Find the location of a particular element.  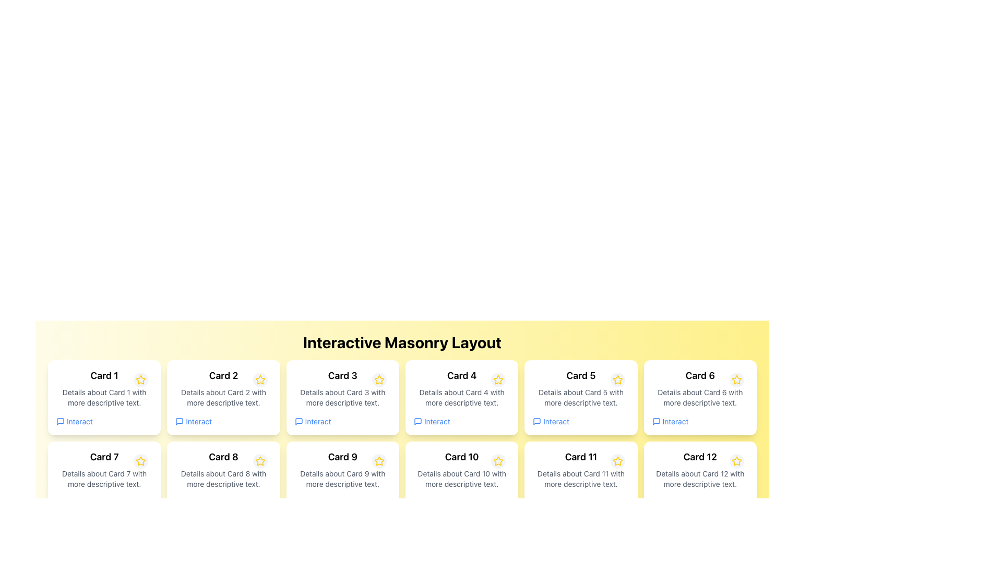

the circular button with a yellow star icon located in the top-right corner of 'Card 8' is located at coordinates (260, 460).